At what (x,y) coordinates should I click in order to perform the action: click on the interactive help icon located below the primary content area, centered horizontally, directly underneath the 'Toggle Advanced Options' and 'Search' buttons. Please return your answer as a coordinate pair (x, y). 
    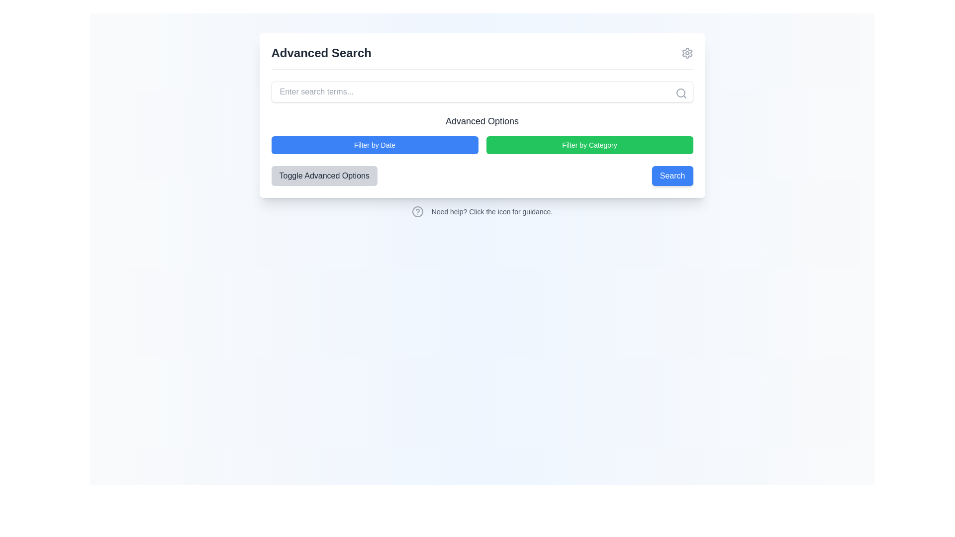
    Looking at the image, I should click on (482, 207).